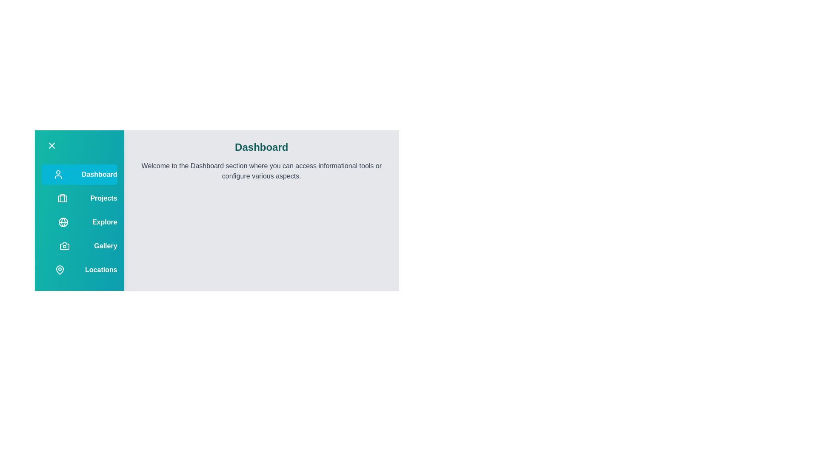  What do you see at coordinates (62, 198) in the screenshot?
I see `the menu option corresponding to Projects` at bounding box center [62, 198].